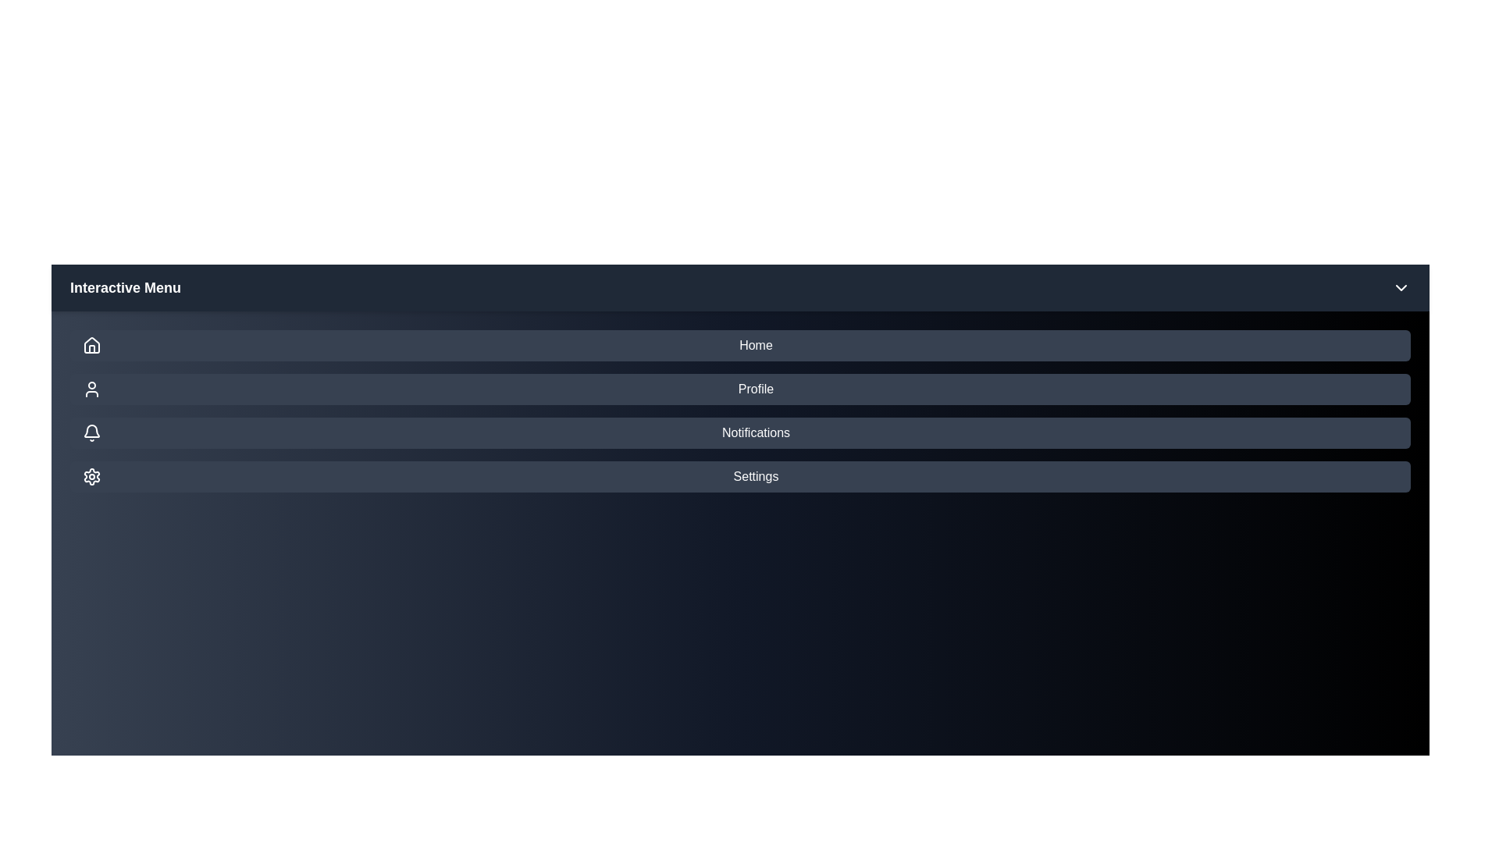 Image resolution: width=1499 pixels, height=843 pixels. What do you see at coordinates (739, 388) in the screenshot?
I see `the menu item Profile` at bounding box center [739, 388].